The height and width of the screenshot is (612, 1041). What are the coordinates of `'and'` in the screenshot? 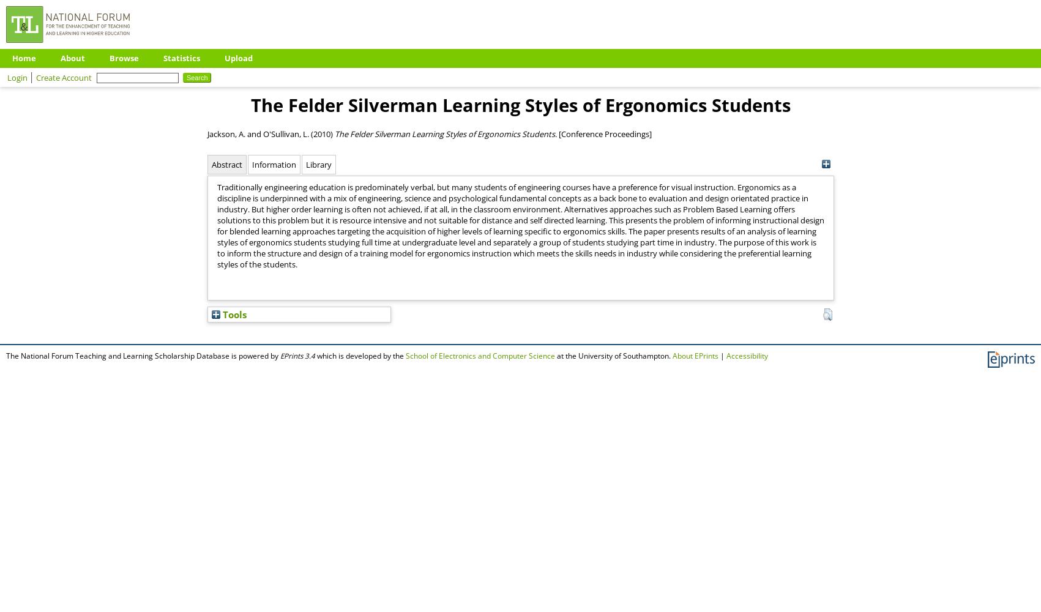 It's located at (253, 133).